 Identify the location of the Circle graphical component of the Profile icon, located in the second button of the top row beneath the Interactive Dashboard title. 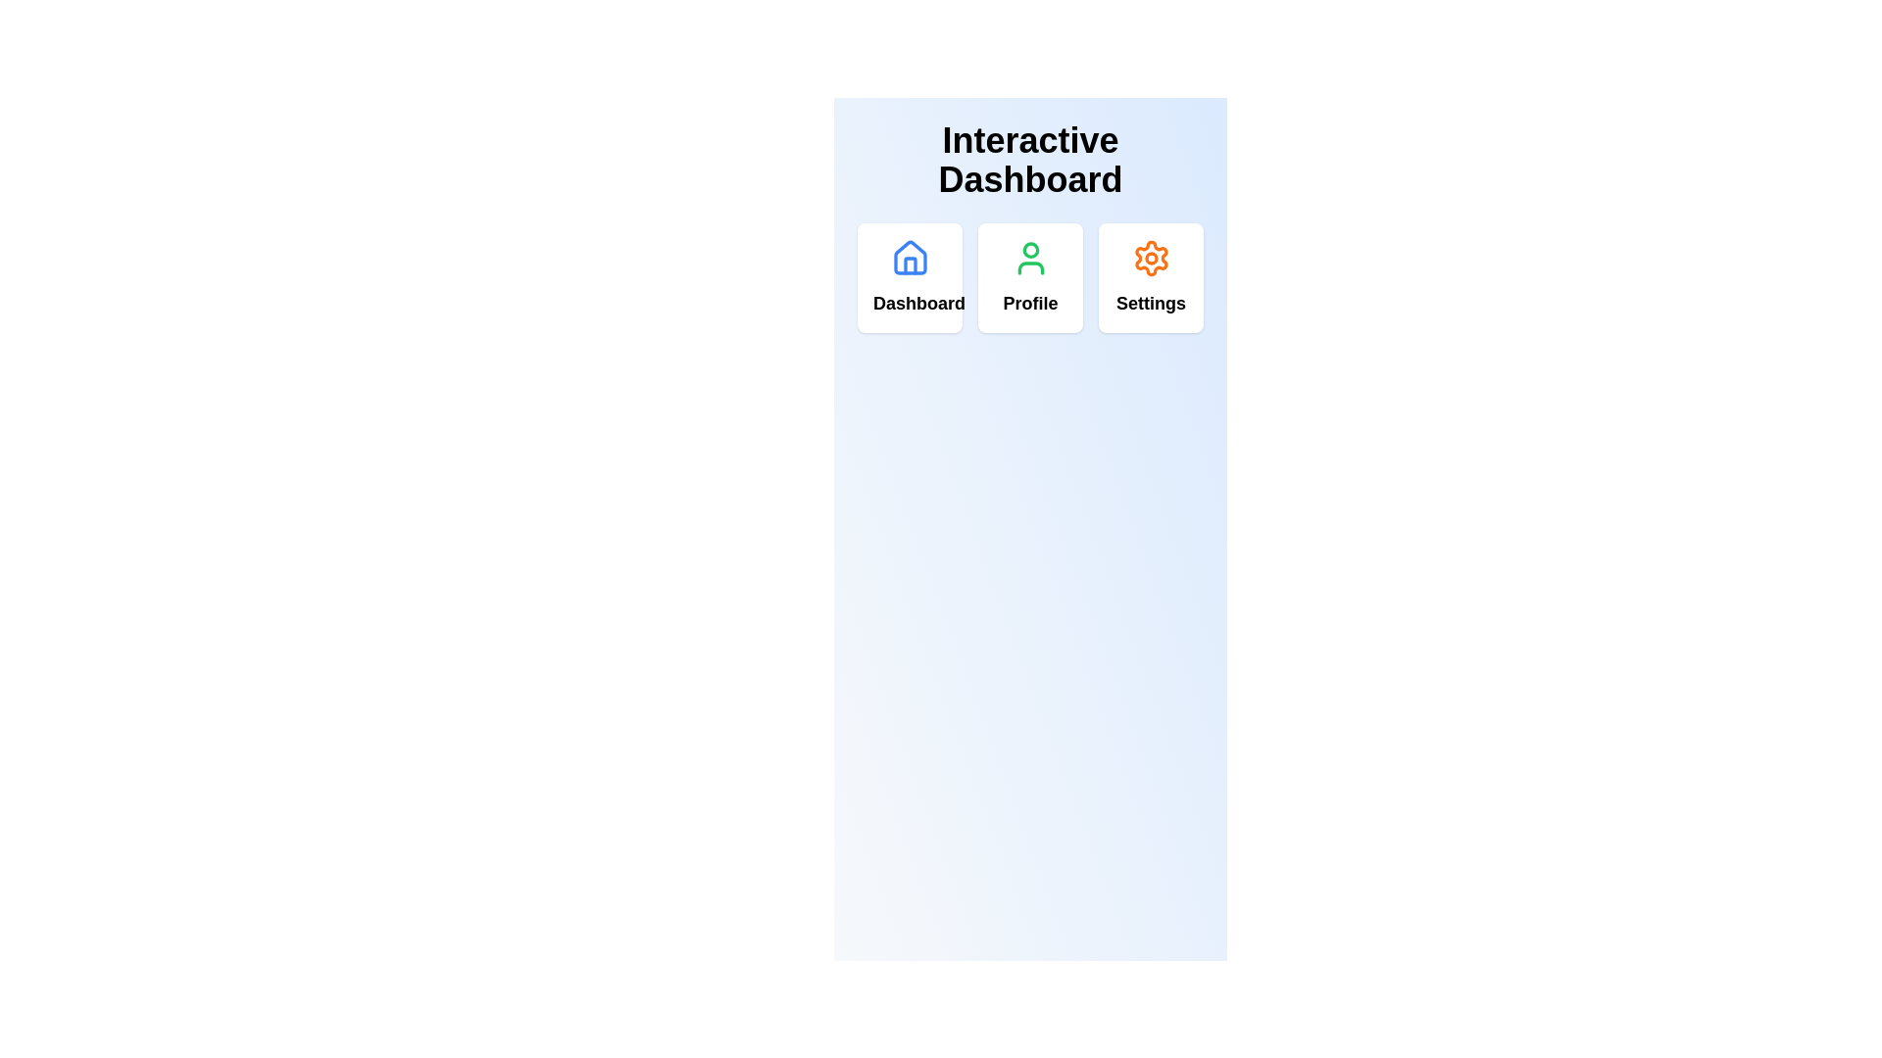
(1029, 249).